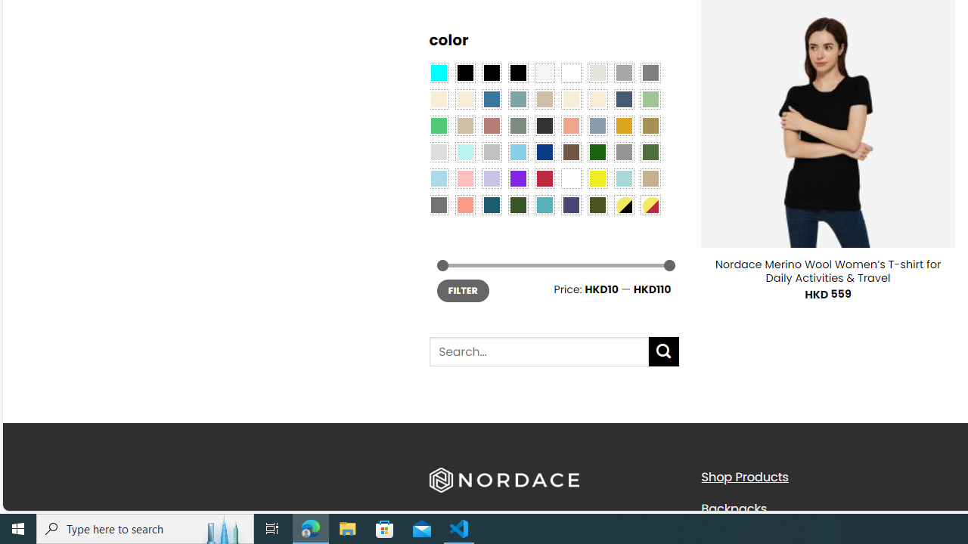 This screenshot has height=544, width=968. Describe the element at coordinates (825, 508) in the screenshot. I see `'Backpacks'` at that location.